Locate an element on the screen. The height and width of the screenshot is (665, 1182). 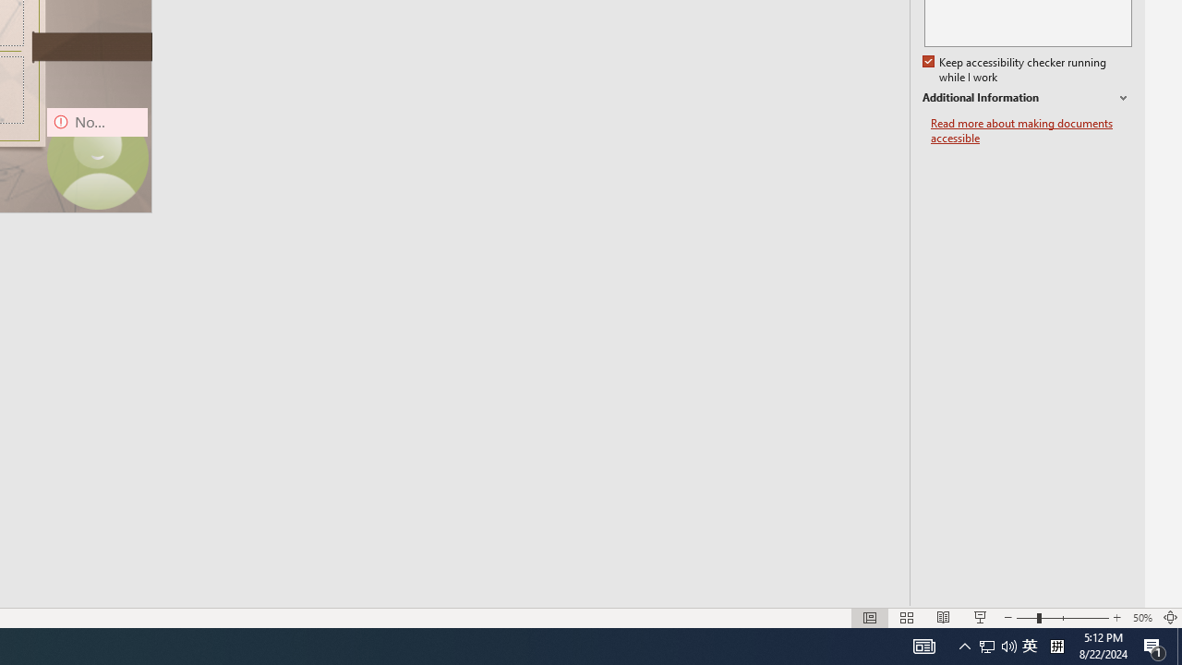
'Additional Information' is located at coordinates (1026, 98).